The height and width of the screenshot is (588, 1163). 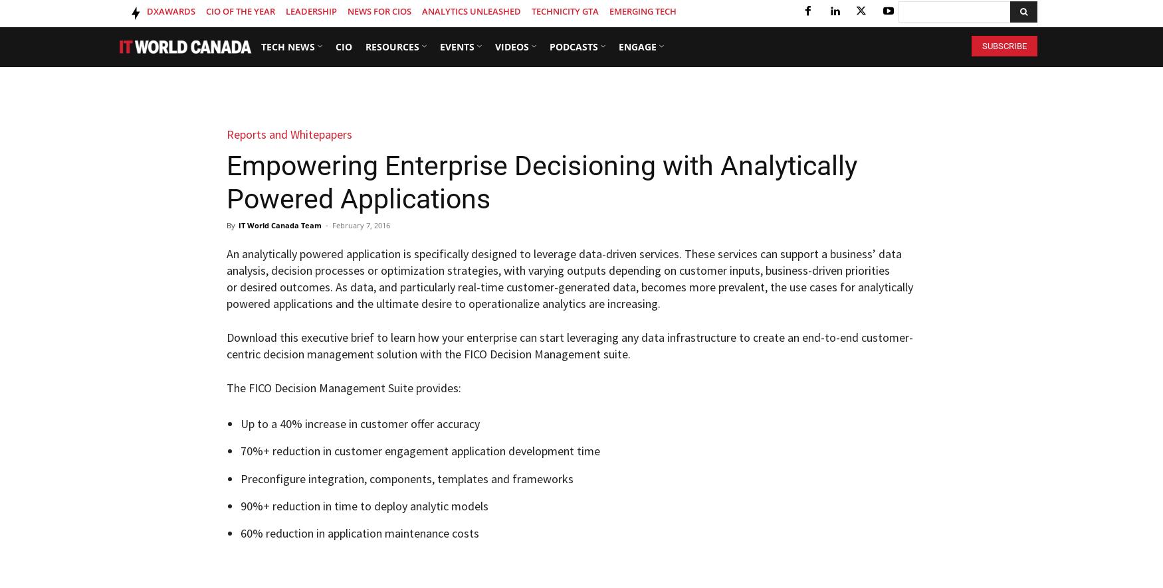 I want to click on 'Empowering Enterprise Decisioning with Analytically Powered Applications', so click(x=542, y=183).